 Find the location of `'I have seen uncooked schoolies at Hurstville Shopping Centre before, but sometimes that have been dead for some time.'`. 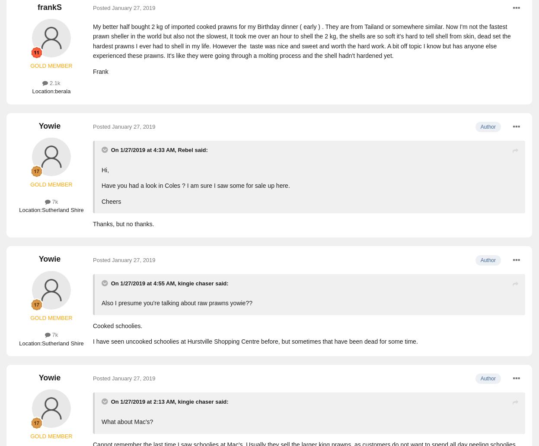

'I have seen uncooked schoolies at Hurstville Shopping Centre before, but sometimes that have been dead for some time.' is located at coordinates (255, 341).